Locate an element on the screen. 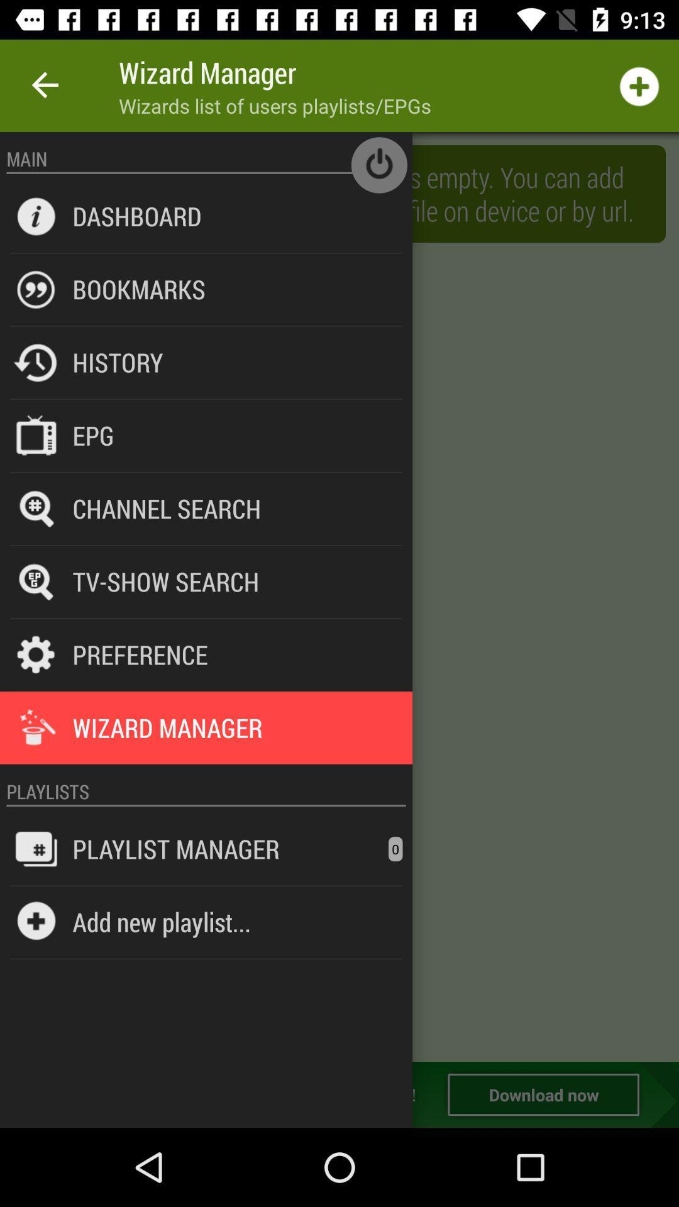 Image resolution: width=679 pixels, height=1207 pixels. main off button is located at coordinates (378, 164).